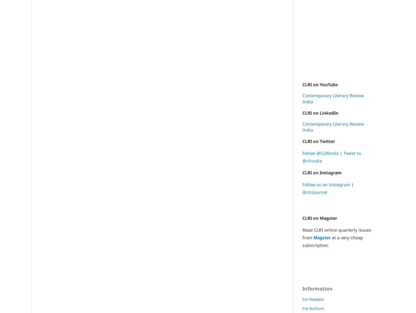  I want to click on 'CLRI on Twitter', so click(318, 141).